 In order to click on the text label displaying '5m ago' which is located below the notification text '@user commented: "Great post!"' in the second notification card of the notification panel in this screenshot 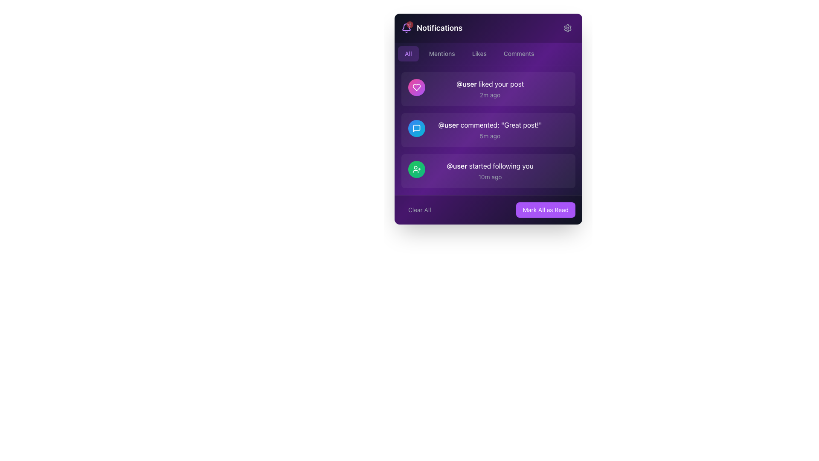, I will do `click(490, 136)`.